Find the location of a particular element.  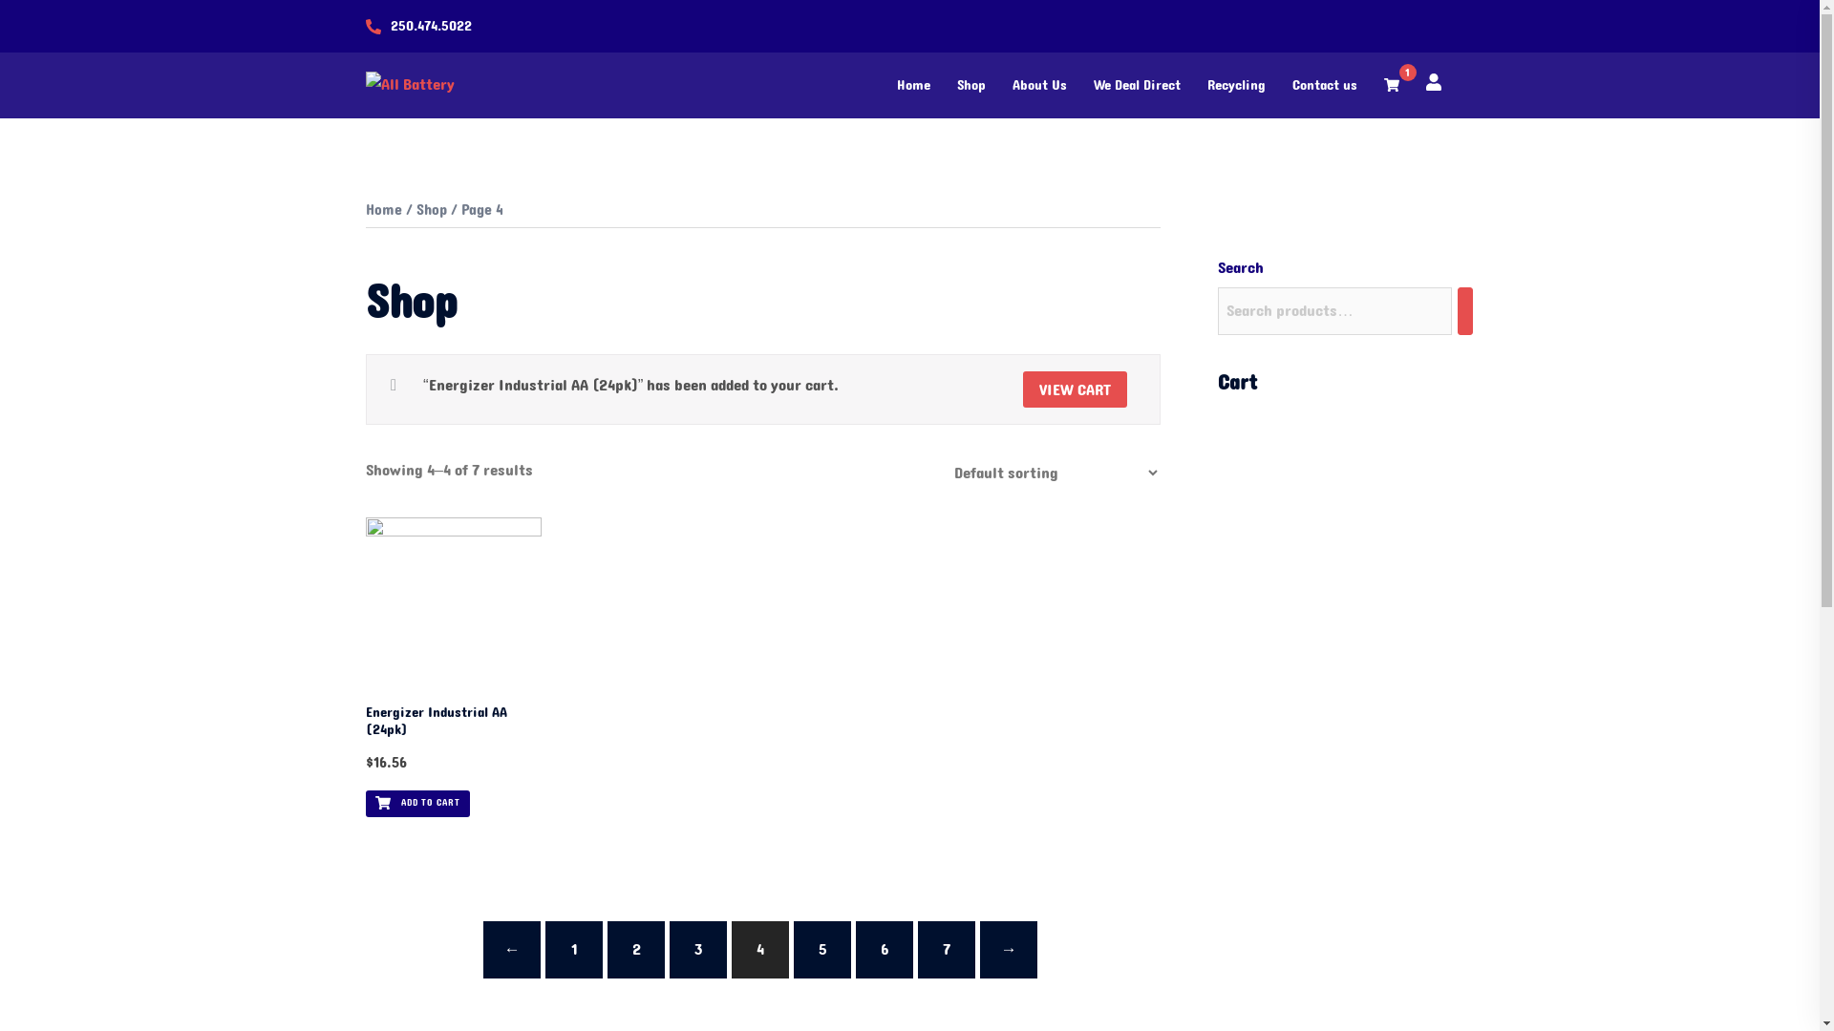

'250.474.5022' is located at coordinates (429, 26).